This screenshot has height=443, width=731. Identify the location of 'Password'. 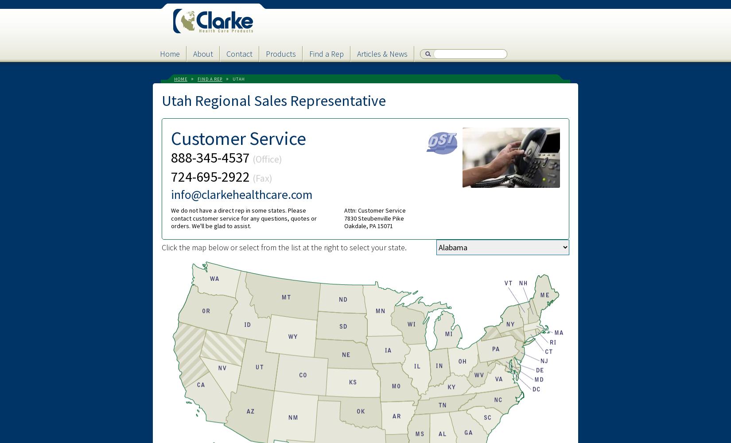
(366, 47).